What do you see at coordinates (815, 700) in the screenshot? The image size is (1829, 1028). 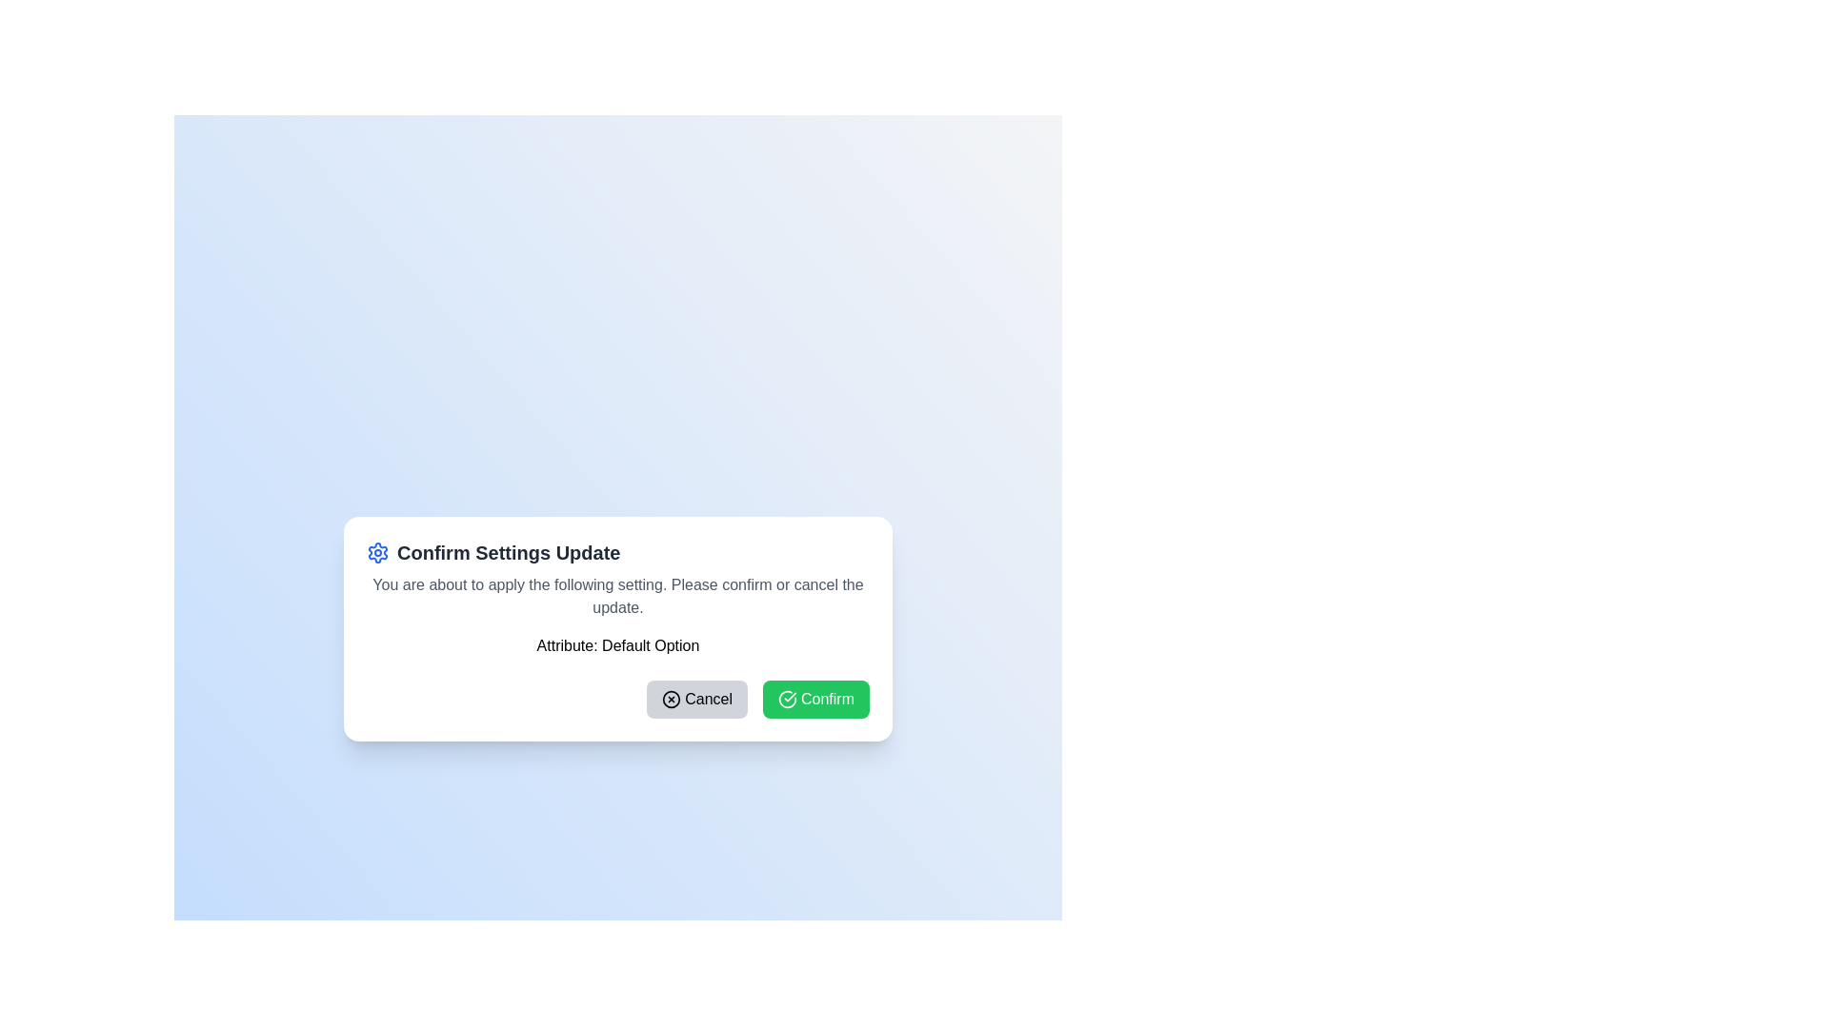 I see `the green 'Confirm' button with a checkmark icon to confirm the action` at bounding box center [815, 700].